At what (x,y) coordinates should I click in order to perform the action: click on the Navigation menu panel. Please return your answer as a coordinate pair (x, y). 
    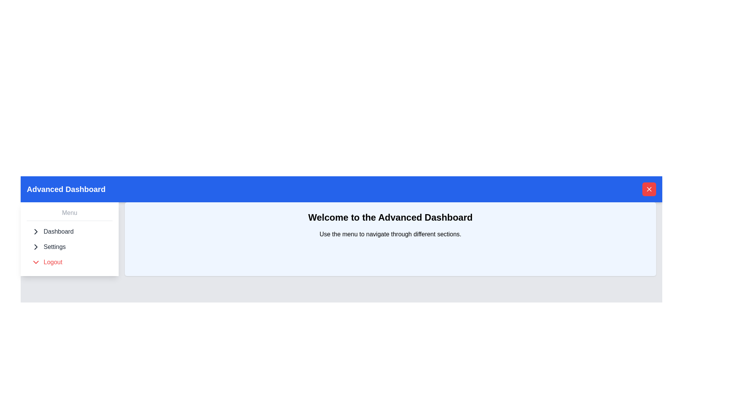
    Looking at the image, I should click on (70, 238).